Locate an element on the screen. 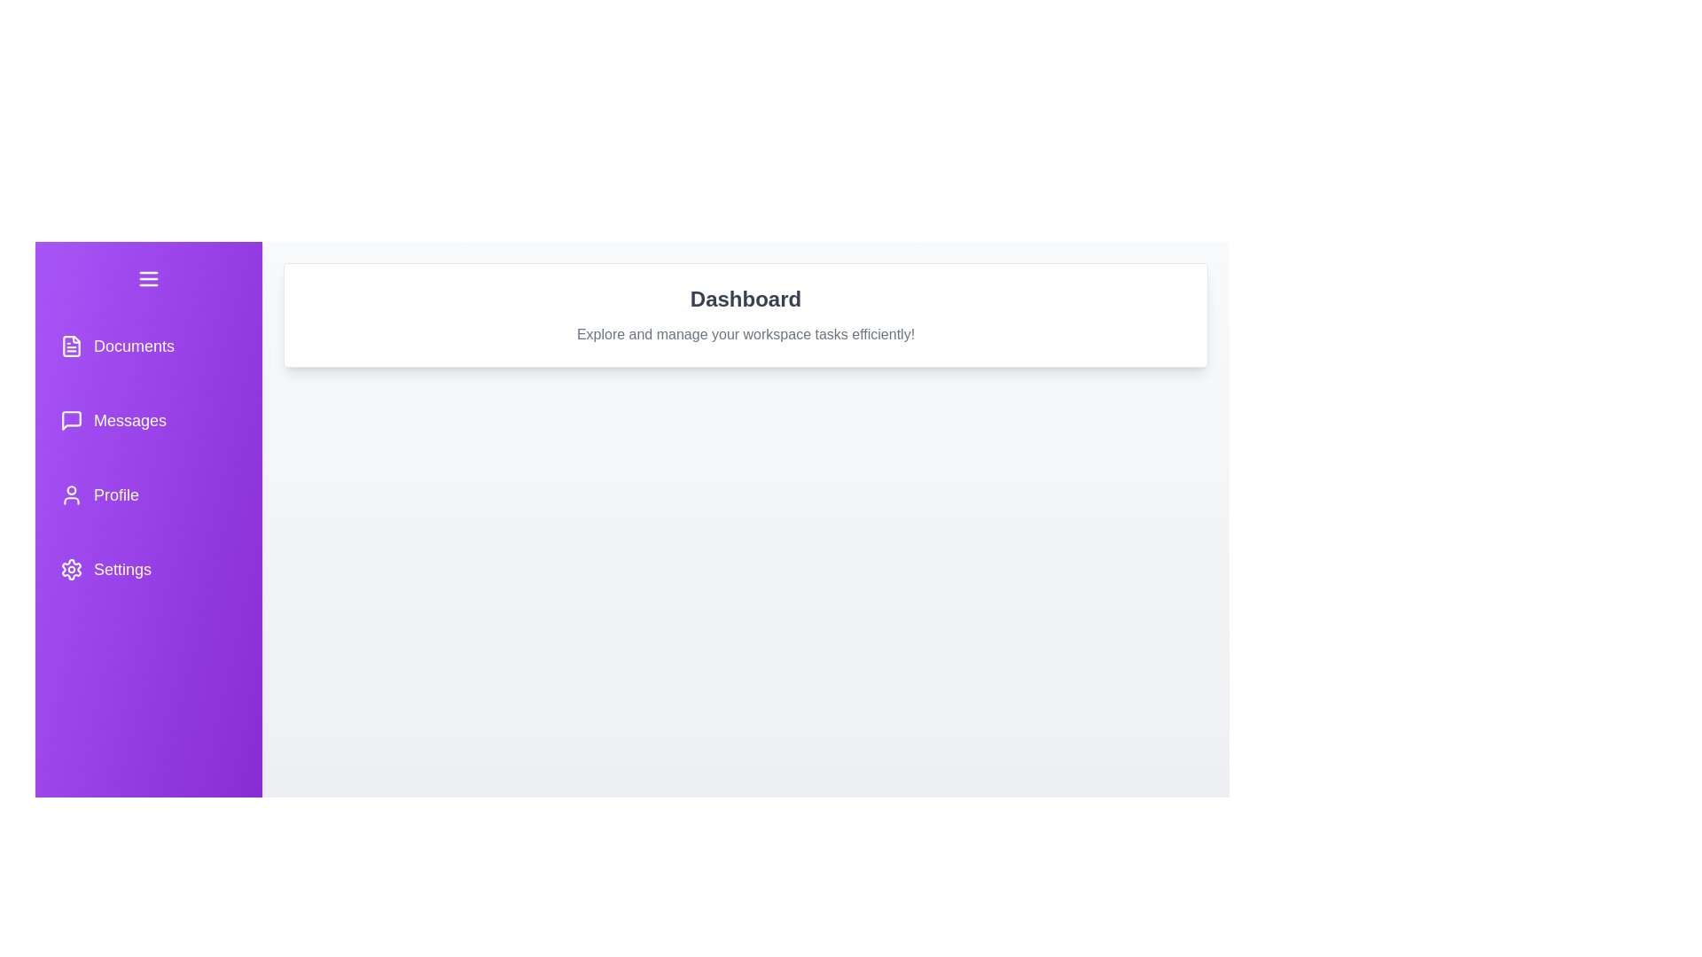 The image size is (1702, 957). the navigation button for Messages is located at coordinates (149, 420).